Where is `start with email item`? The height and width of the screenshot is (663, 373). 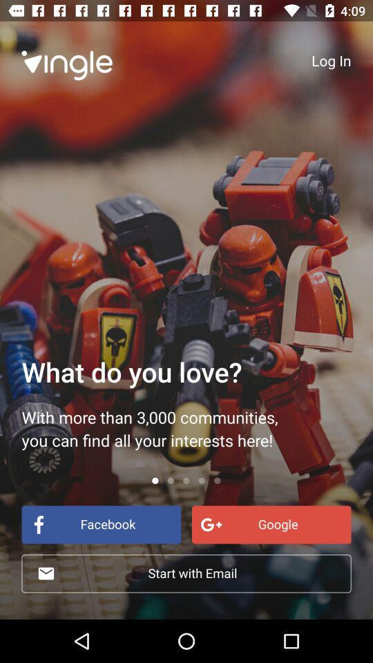
start with email item is located at coordinates (186, 573).